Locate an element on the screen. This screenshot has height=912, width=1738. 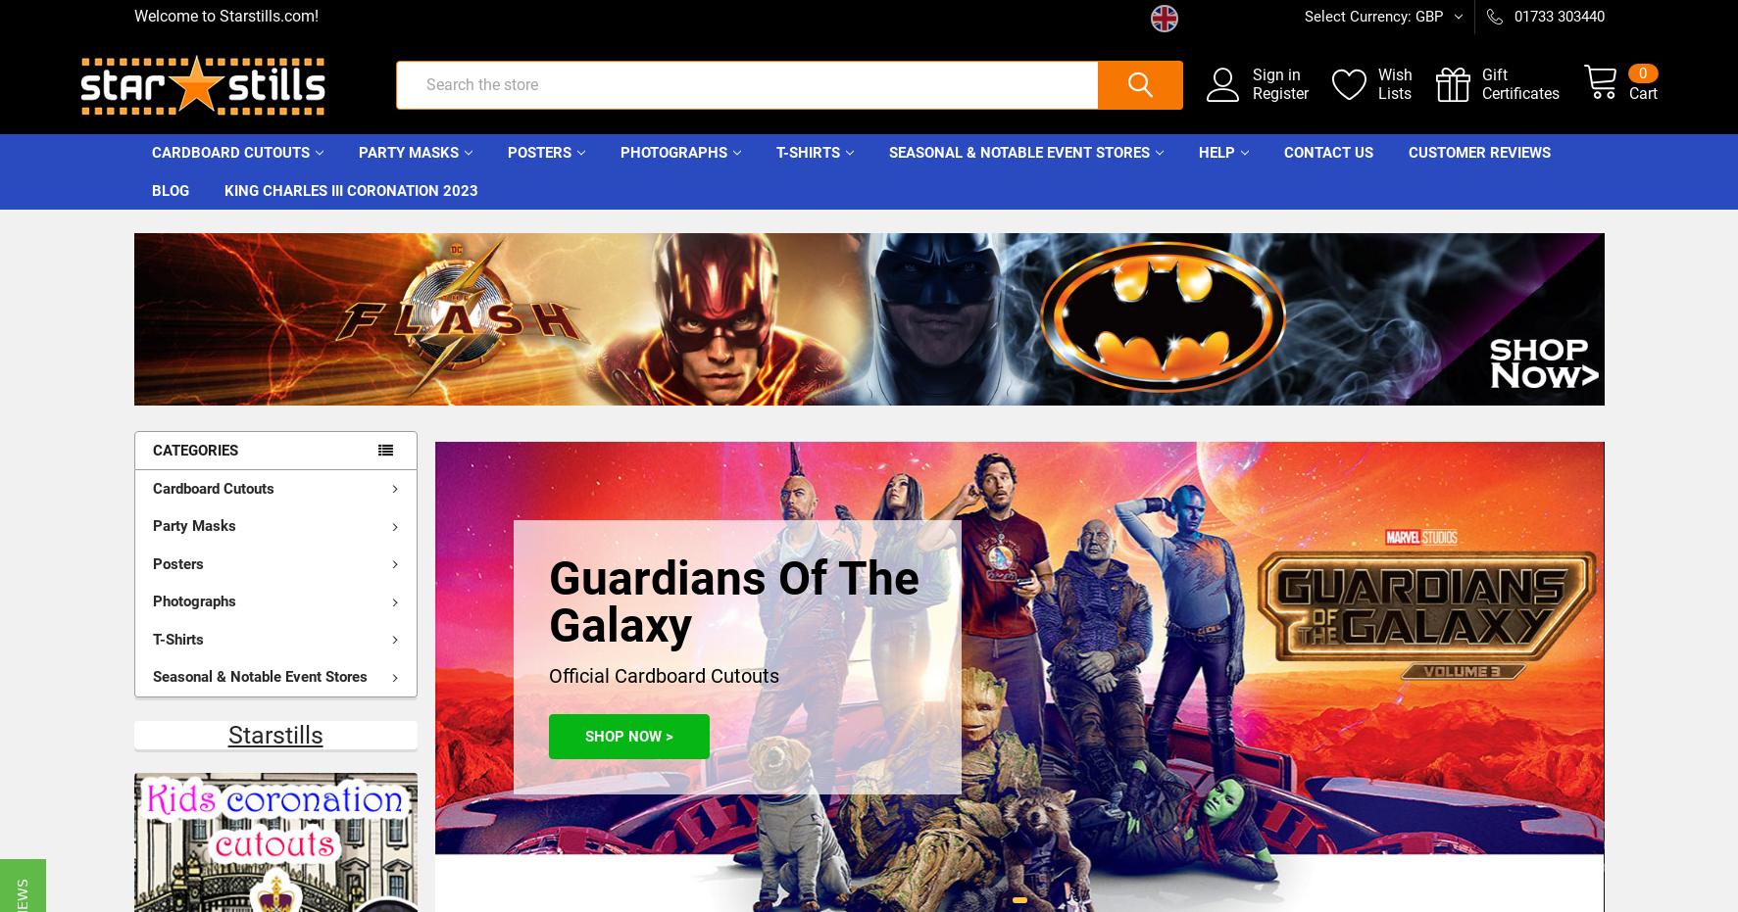
'Wish' is located at coordinates (1341, 85).